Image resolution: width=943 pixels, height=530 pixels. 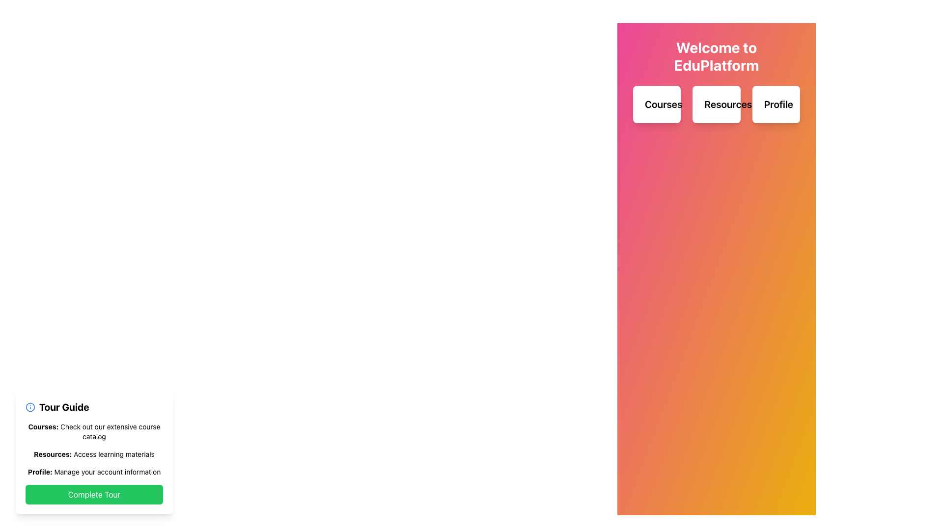 I want to click on the welcoming header text label that identifies the platform name, positioned at the top of the UI layout above the buttons labeled 'Courses', 'Resources', and 'Profile', so click(x=717, y=56).